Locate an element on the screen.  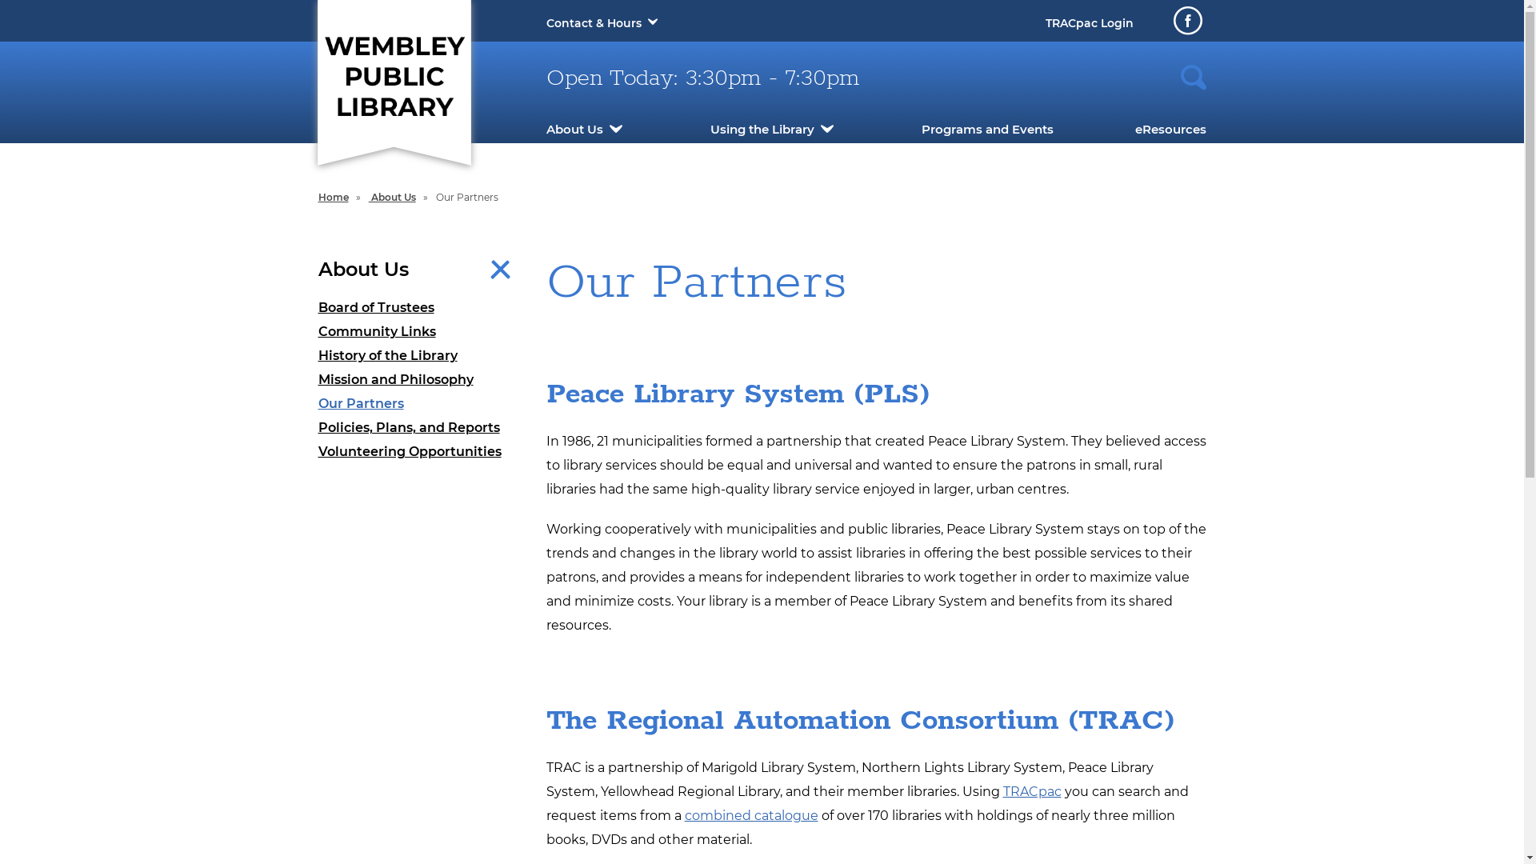
'Home' is located at coordinates (333, 196).